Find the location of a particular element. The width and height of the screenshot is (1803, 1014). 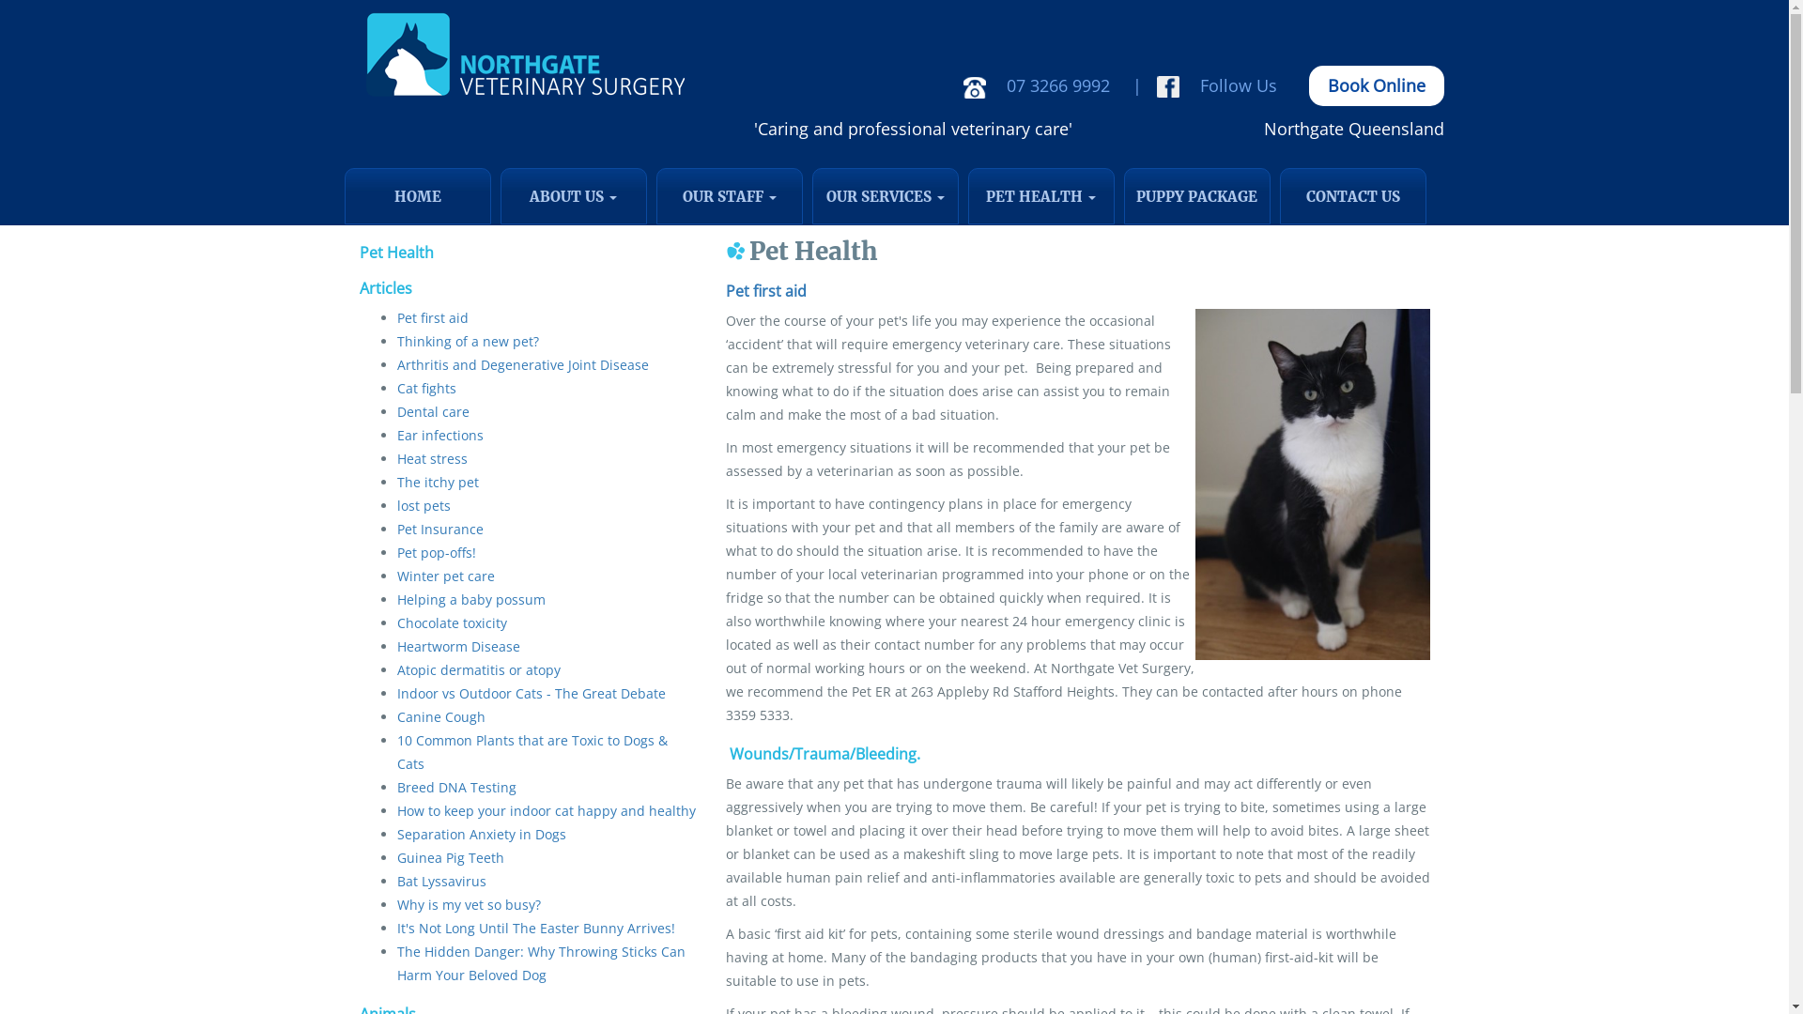

'Winter pet care' is located at coordinates (444, 575).